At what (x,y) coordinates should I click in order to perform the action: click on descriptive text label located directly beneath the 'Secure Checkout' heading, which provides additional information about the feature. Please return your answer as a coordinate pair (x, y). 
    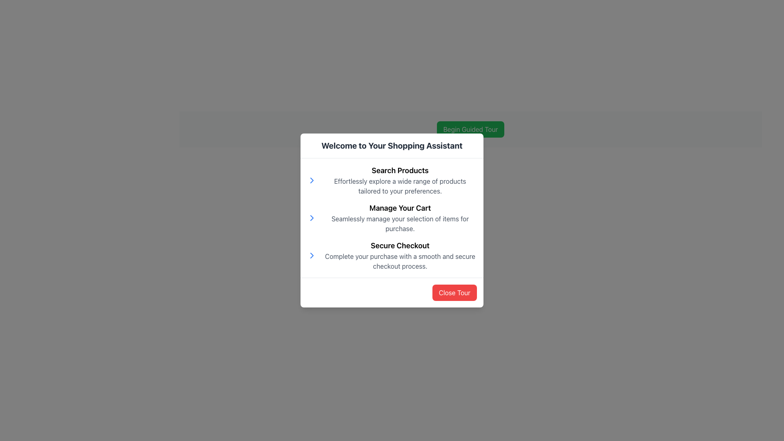
    Looking at the image, I should click on (400, 261).